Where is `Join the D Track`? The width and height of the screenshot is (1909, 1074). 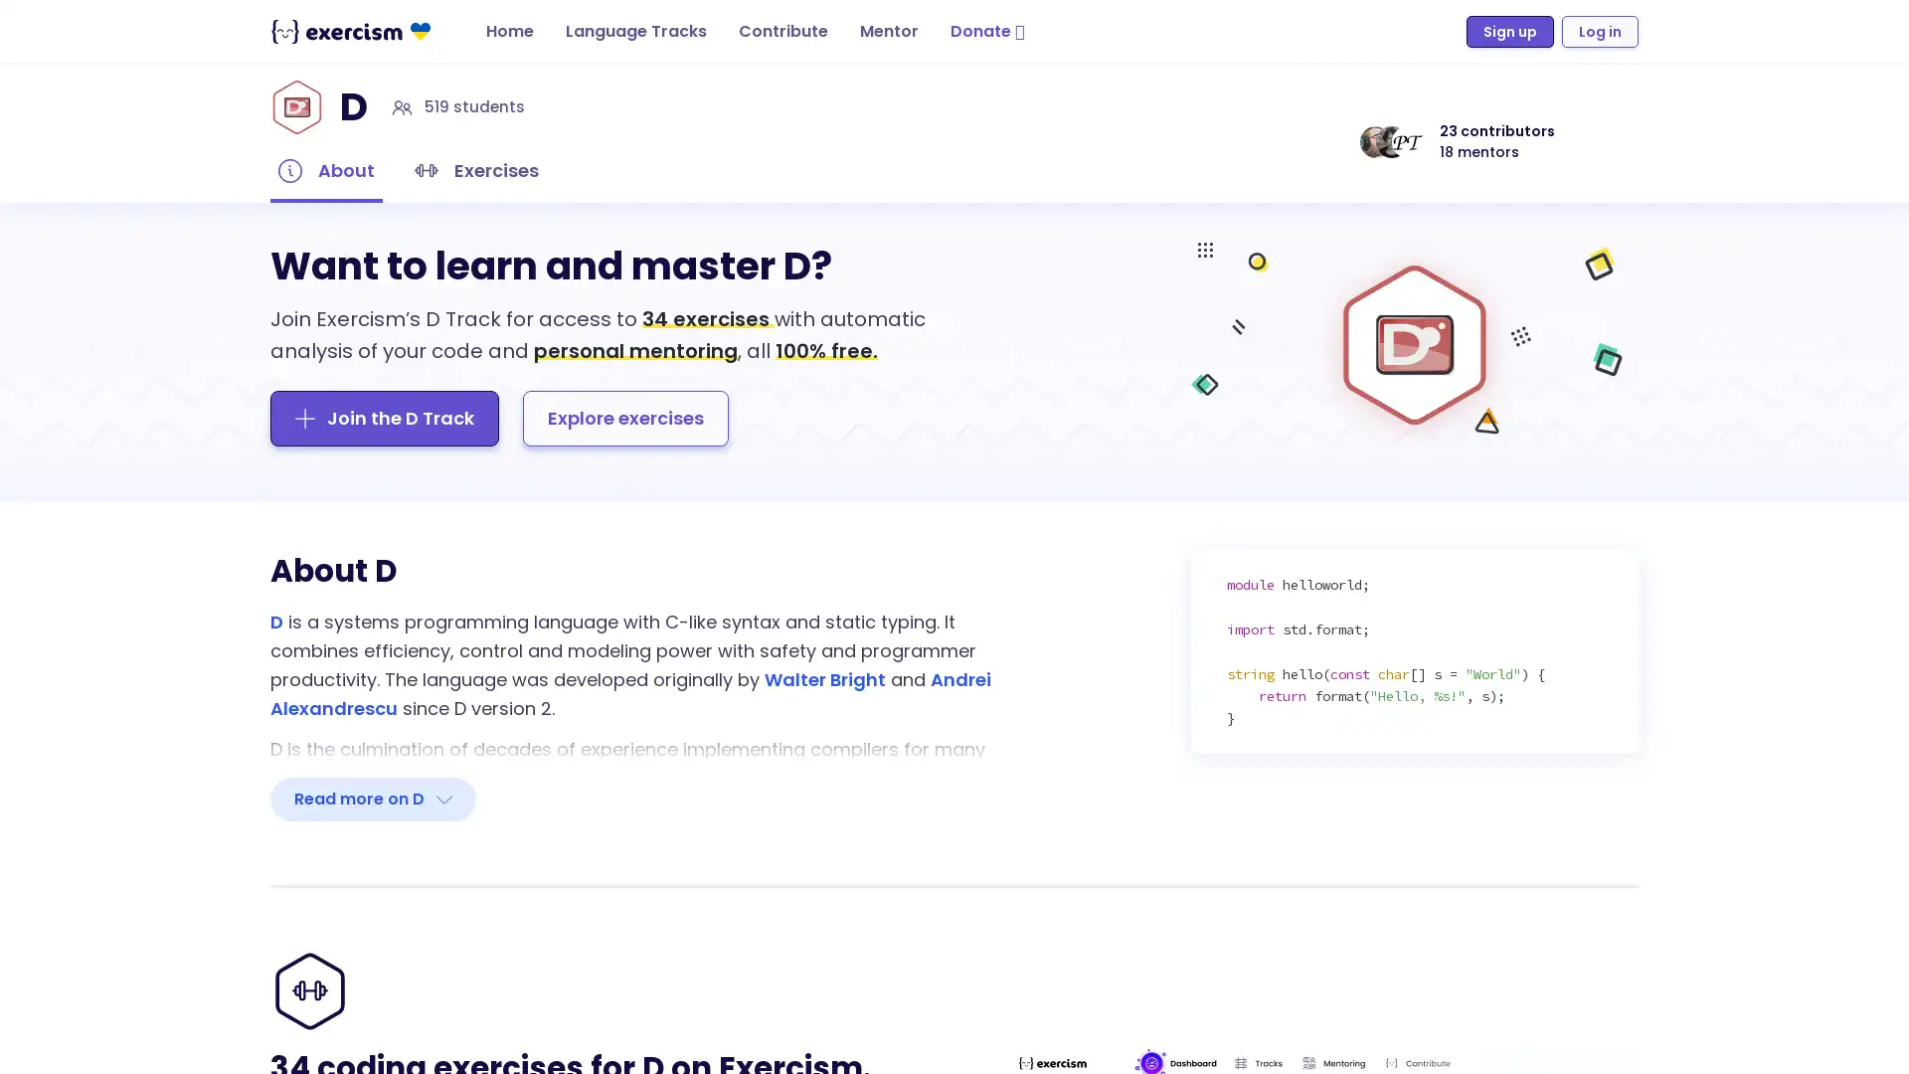 Join the D Track is located at coordinates (385, 417).